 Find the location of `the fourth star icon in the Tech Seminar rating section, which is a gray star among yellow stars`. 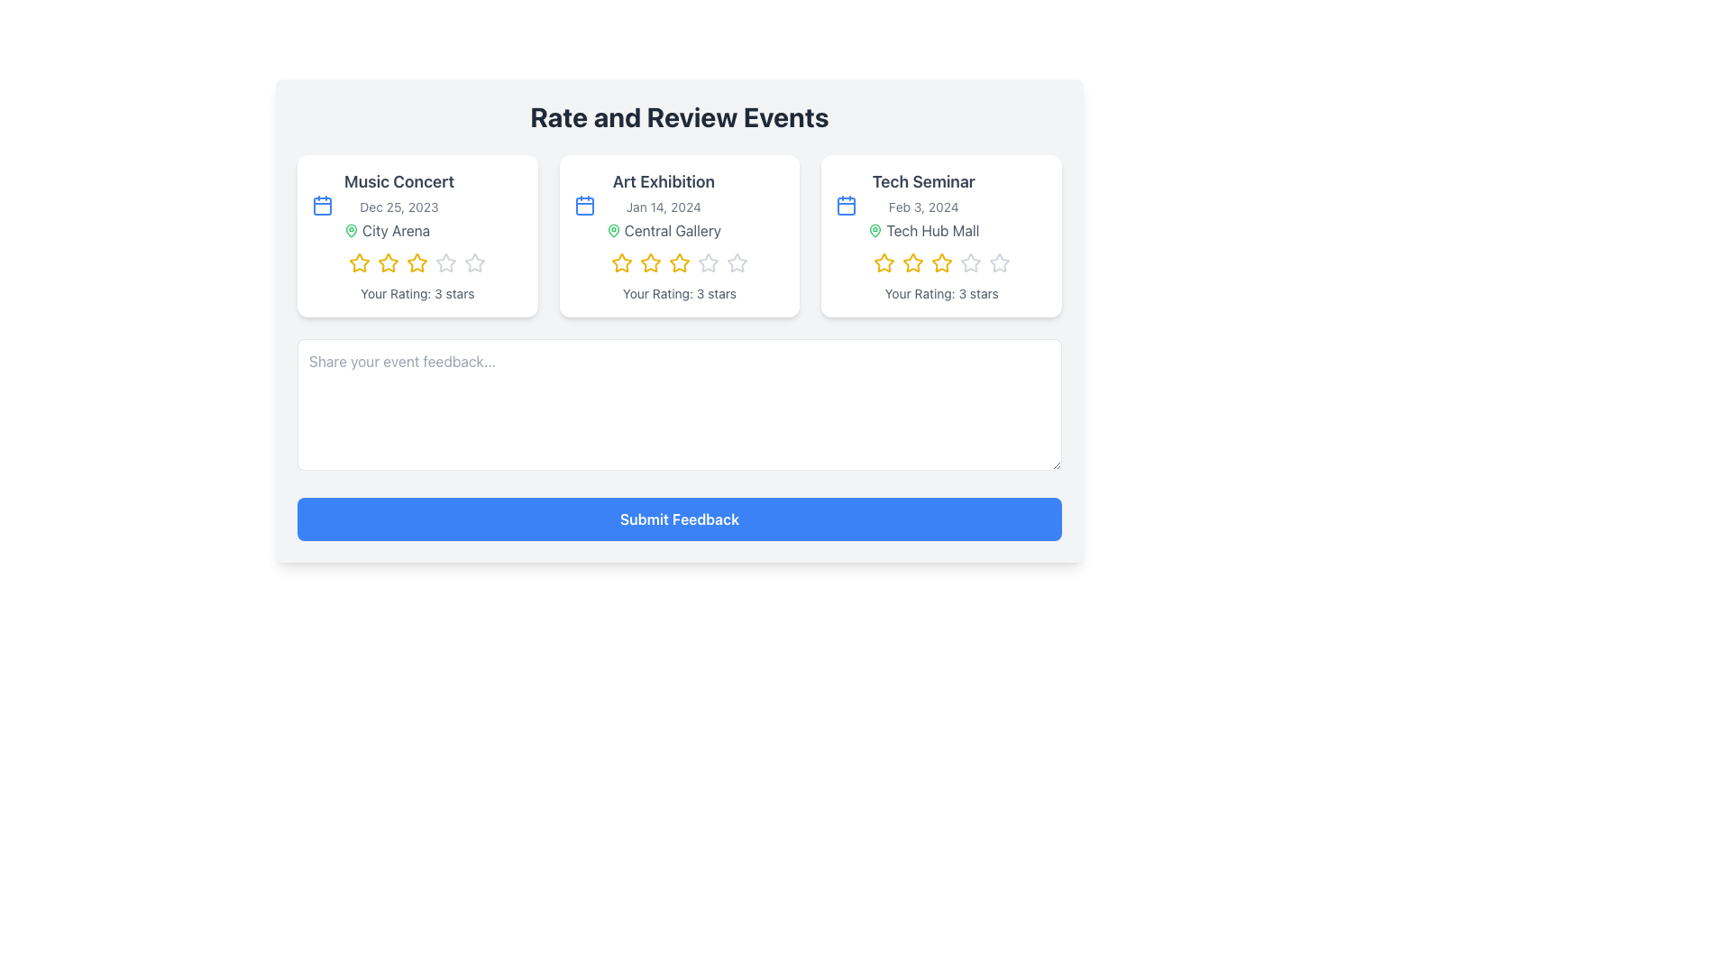

the fourth star icon in the Tech Seminar rating section, which is a gray star among yellow stars is located at coordinates (969, 263).